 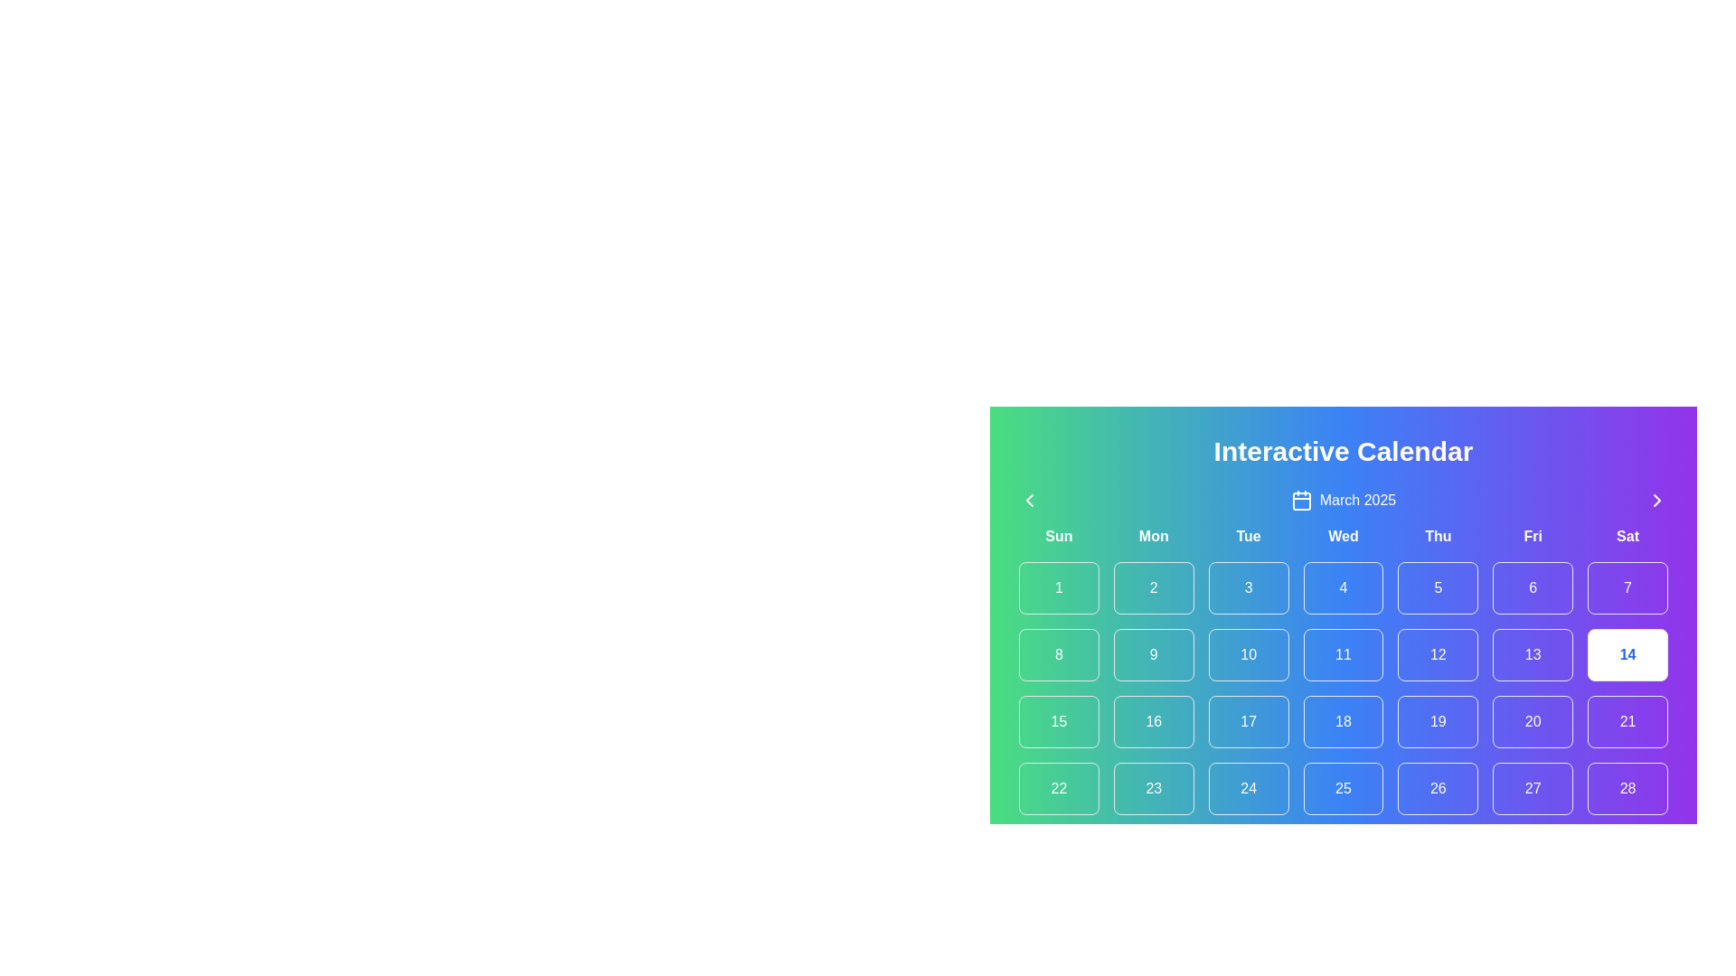 I want to click on the calendar icon located below the 'Interactive Calendar' header at the top center of the interface, so click(x=1300, y=502).